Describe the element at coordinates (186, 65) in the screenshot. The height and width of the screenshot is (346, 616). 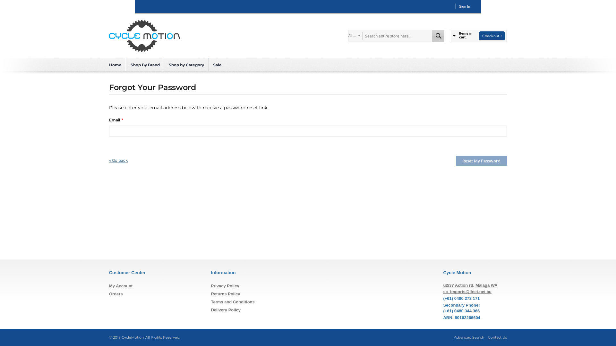
I see `'Shop by Category'` at that location.